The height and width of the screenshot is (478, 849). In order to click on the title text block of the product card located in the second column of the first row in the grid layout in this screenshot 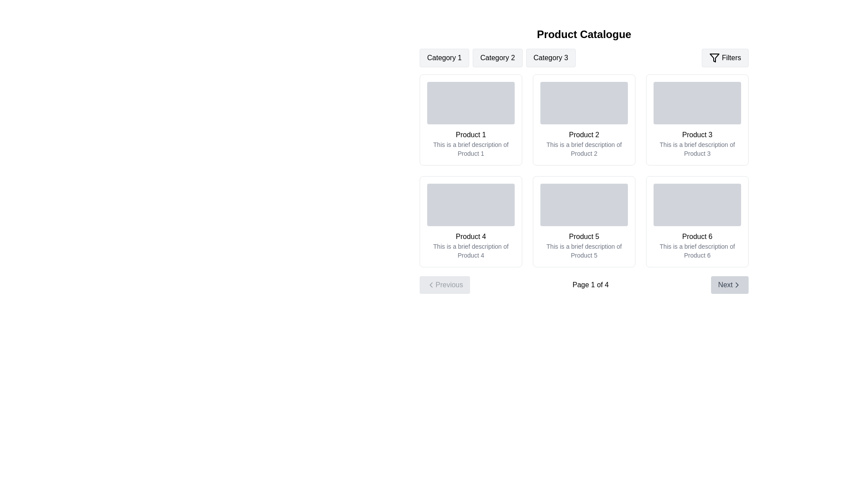, I will do `click(584, 135)`.